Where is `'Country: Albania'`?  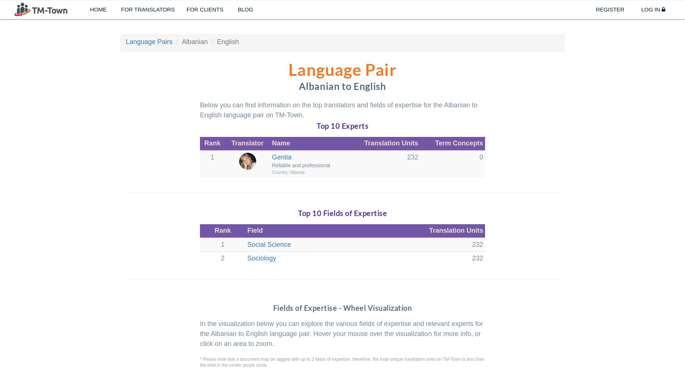 'Country: Albania' is located at coordinates (272, 172).